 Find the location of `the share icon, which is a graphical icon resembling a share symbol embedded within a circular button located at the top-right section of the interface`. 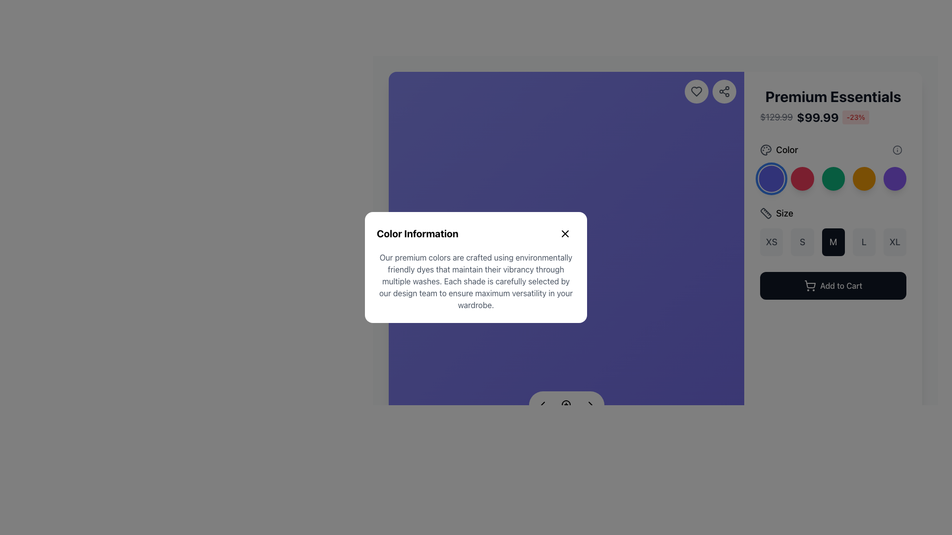

the share icon, which is a graphical icon resembling a share symbol embedded within a circular button located at the top-right section of the interface is located at coordinates (724, 92).